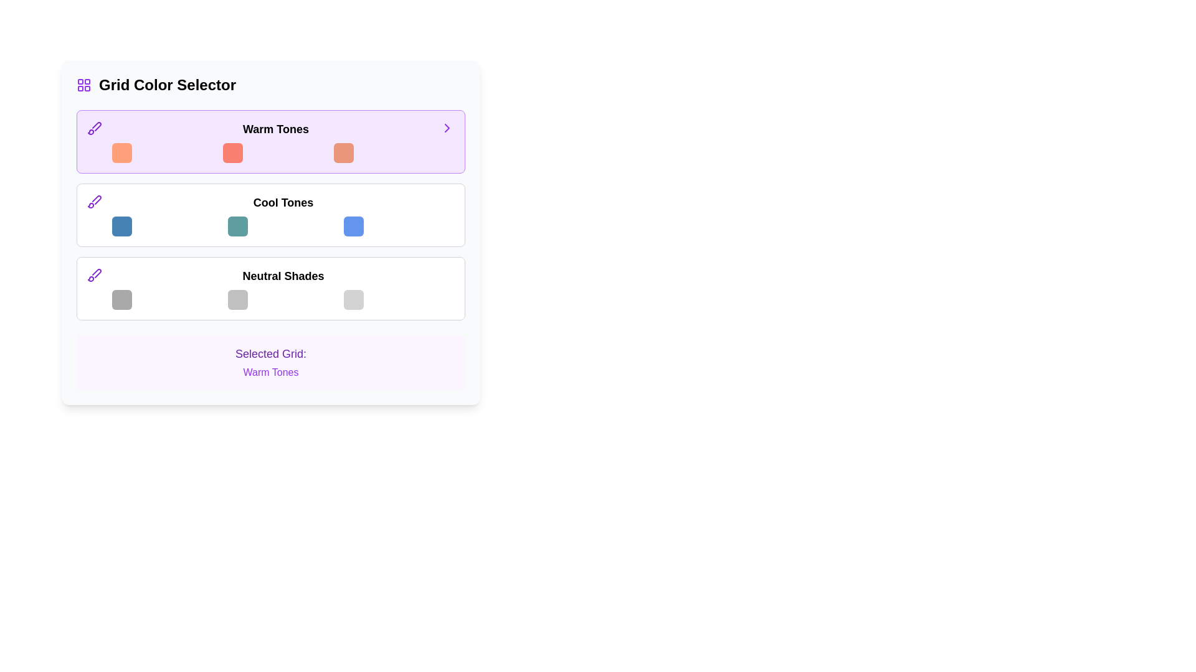  What do you see at coordinates (275, 129) in the screenshot?
I see `the 'Warm Tones' text label located in the 'Grid Color Selector' section, which serves as a heading for the color swatches below` at bounding box center [275, 129].